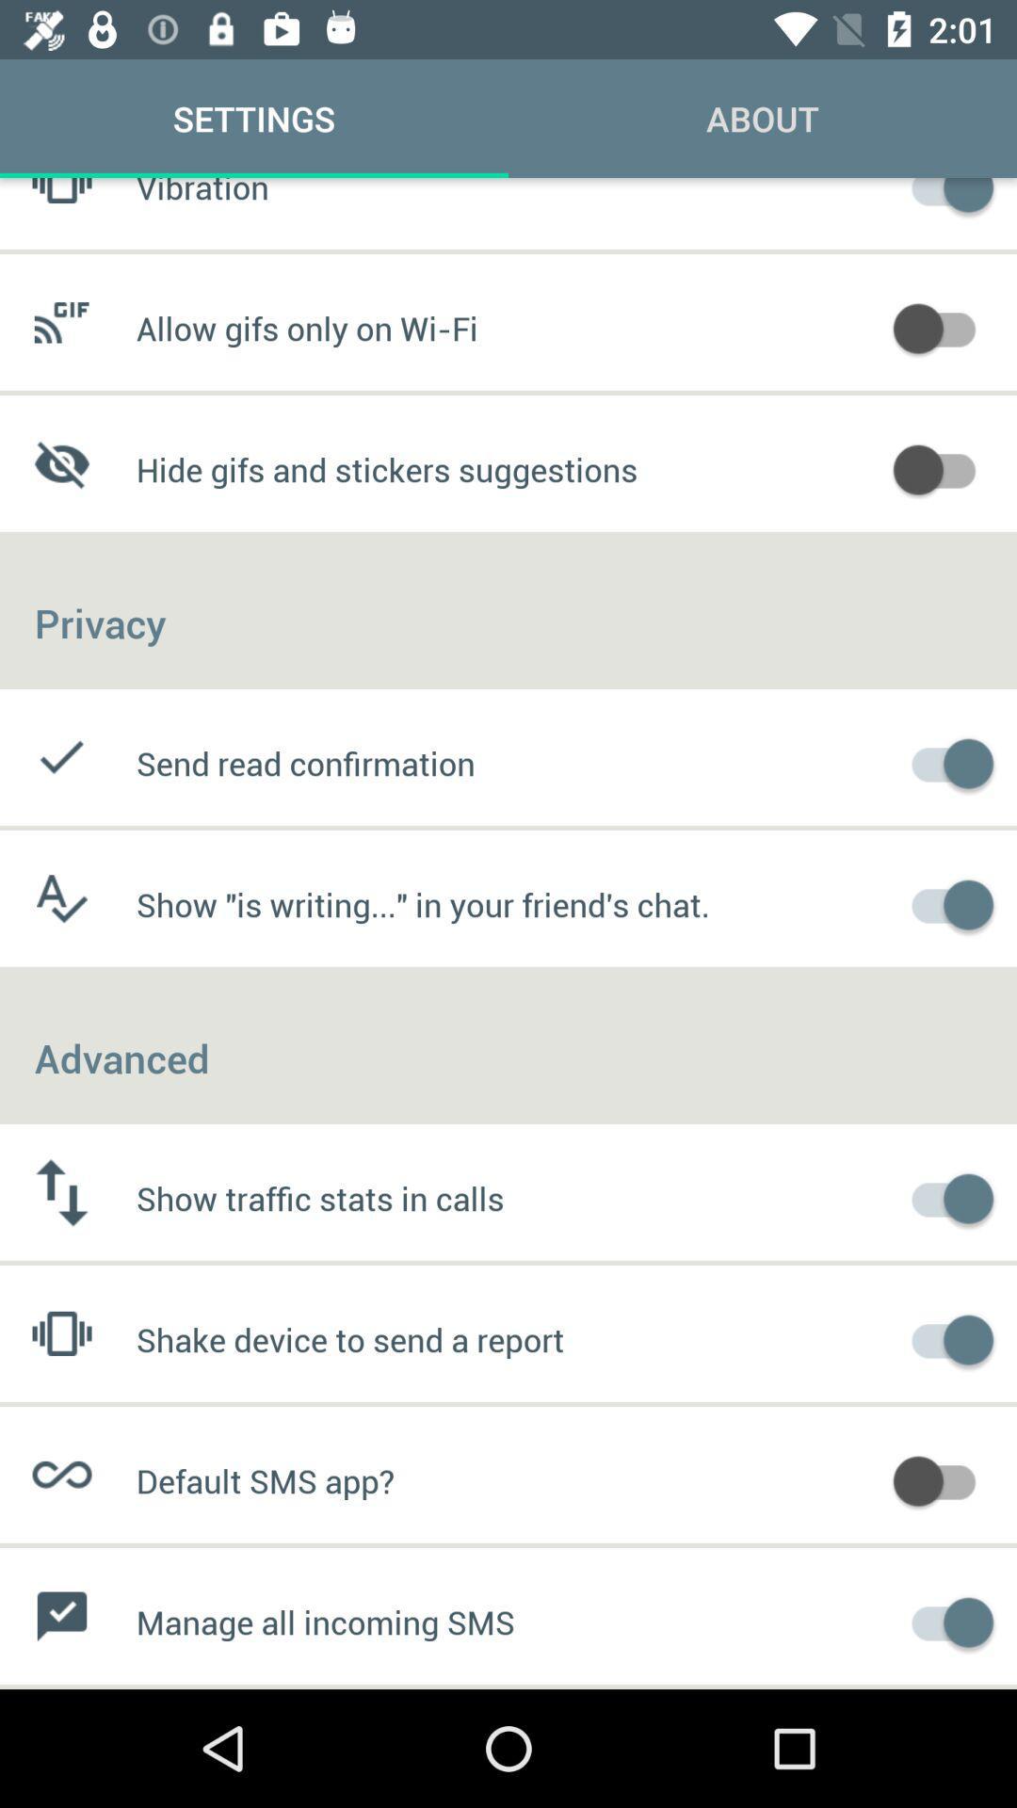 The height and width of the screenshot is (1808, 1017). I want to click on switch autoplay option, so click(944, 467).